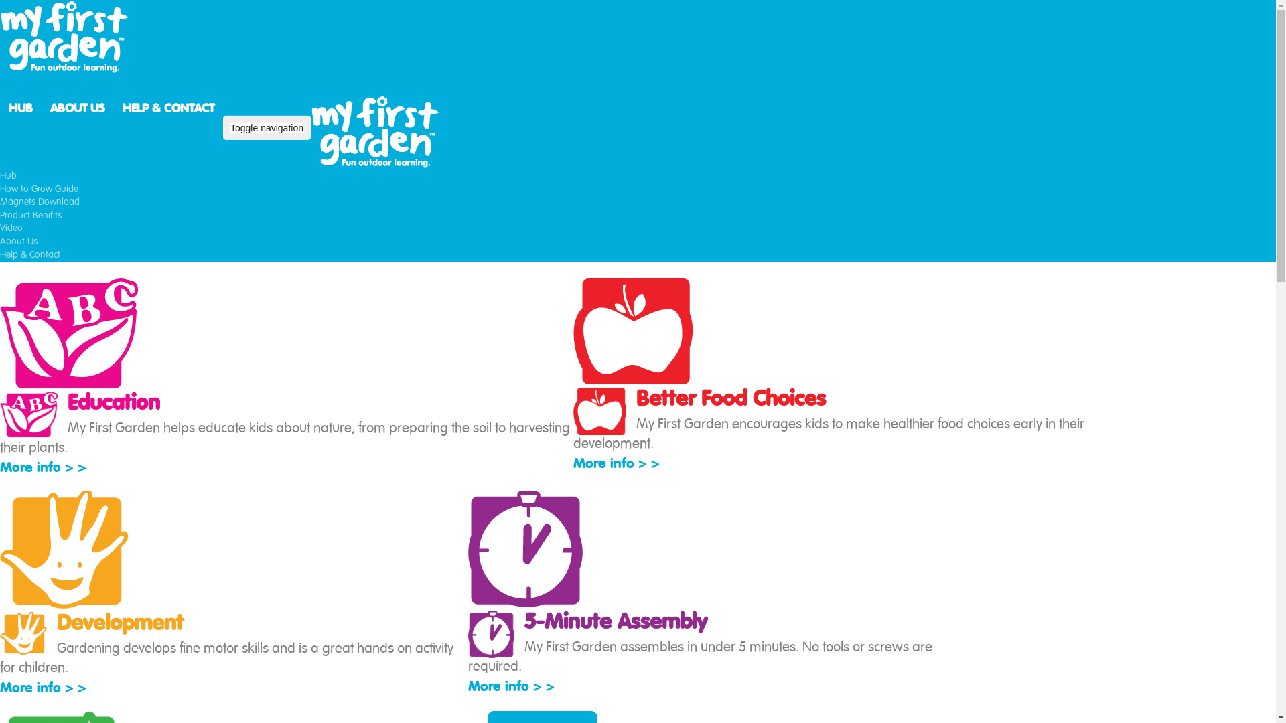 The height and width of the screenshot is (723, 1286). I want to click on 'HUB', so click(20, 107).